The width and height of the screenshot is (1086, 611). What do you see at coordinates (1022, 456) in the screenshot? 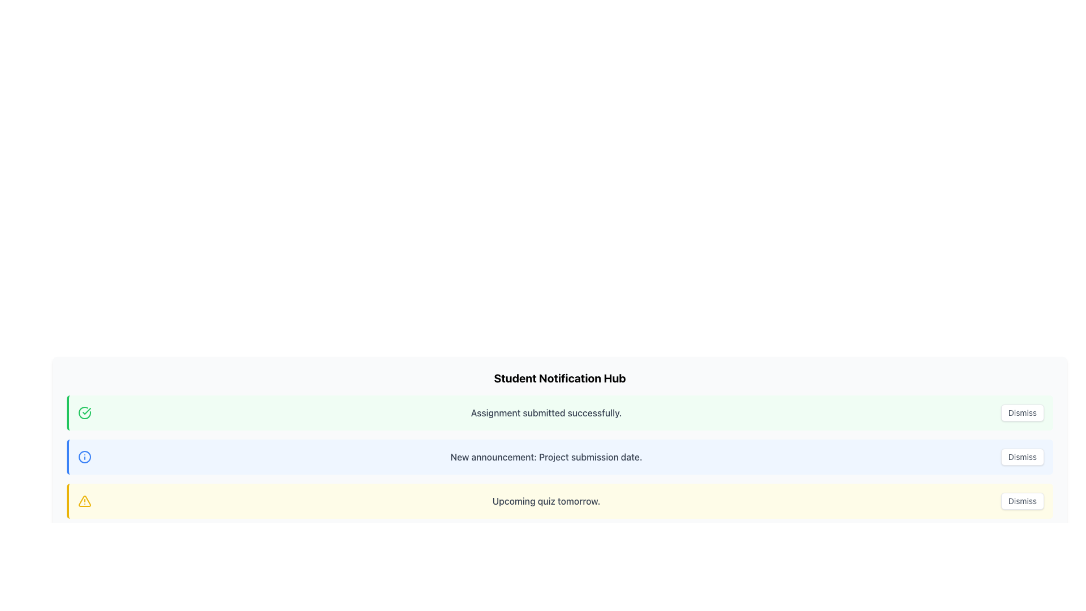
I see `the rectangular 'Dismiss' button with a light background and dark gray text` at bounding box center [1022, 456].